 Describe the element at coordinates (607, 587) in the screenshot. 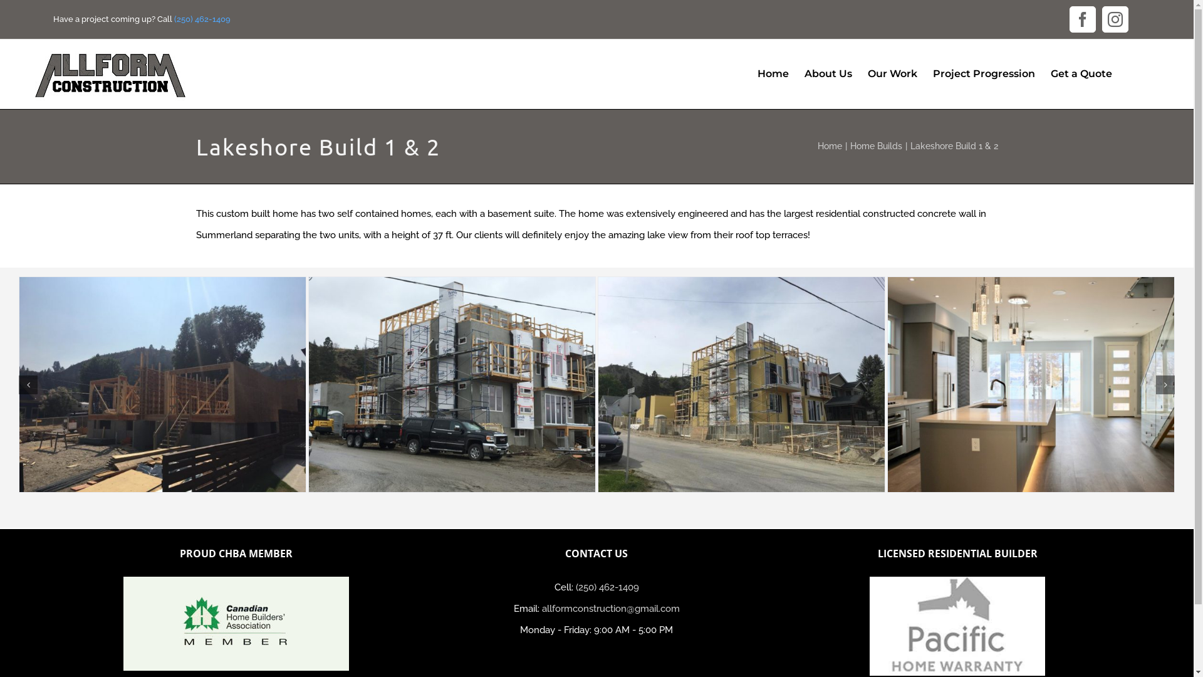

I see `'(250) 462-1409'` at that location.